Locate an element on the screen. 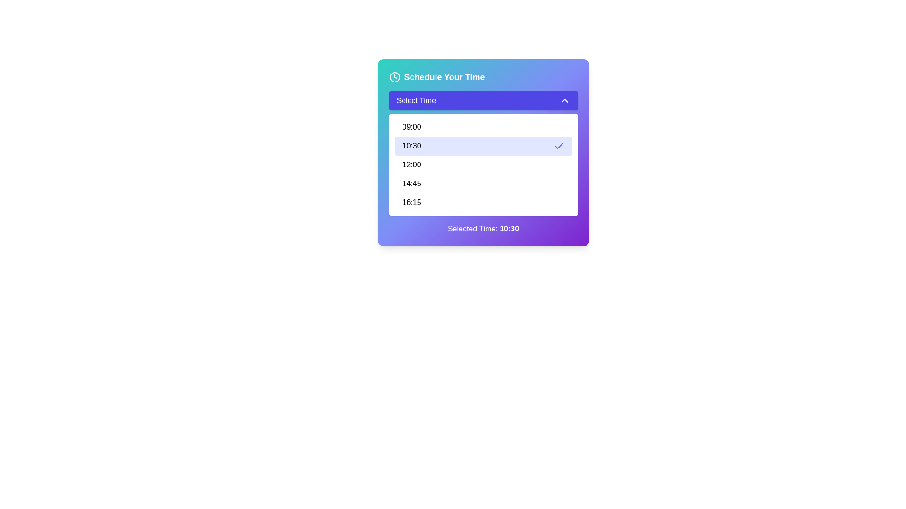 The image size is (906, 509). the fourth selectable time option in the dropdown menu, which is positioned between '12:00' and '16:15' is located at coordinates (483, 183).